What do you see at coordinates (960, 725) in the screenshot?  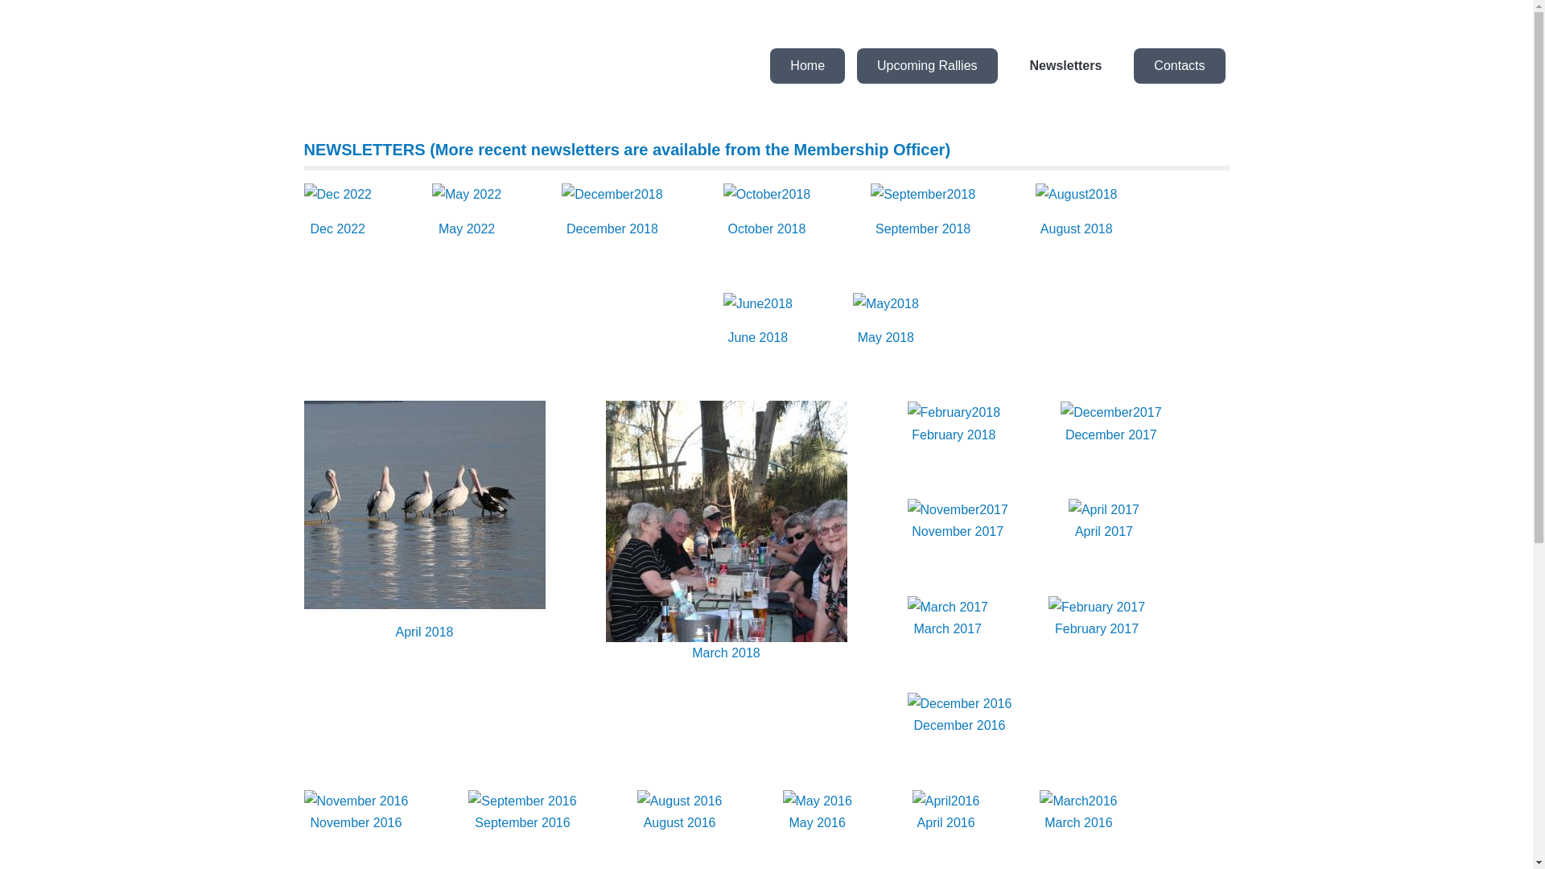 I see `'December 2016'` at bounding box center [960, 725].